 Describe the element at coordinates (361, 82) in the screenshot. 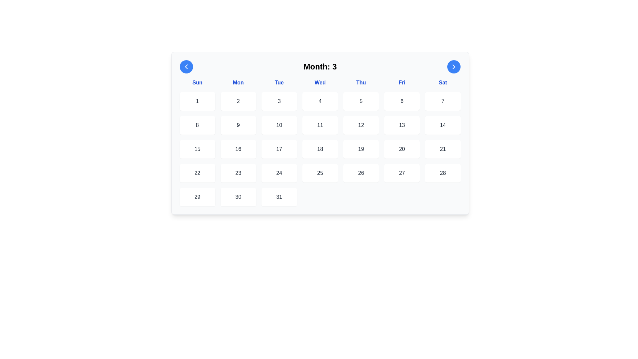

I see `the text label representing 'Thursday' in the weekly grid layout, located between 'Wed' and 'Fri' in the fifth column` at that location.